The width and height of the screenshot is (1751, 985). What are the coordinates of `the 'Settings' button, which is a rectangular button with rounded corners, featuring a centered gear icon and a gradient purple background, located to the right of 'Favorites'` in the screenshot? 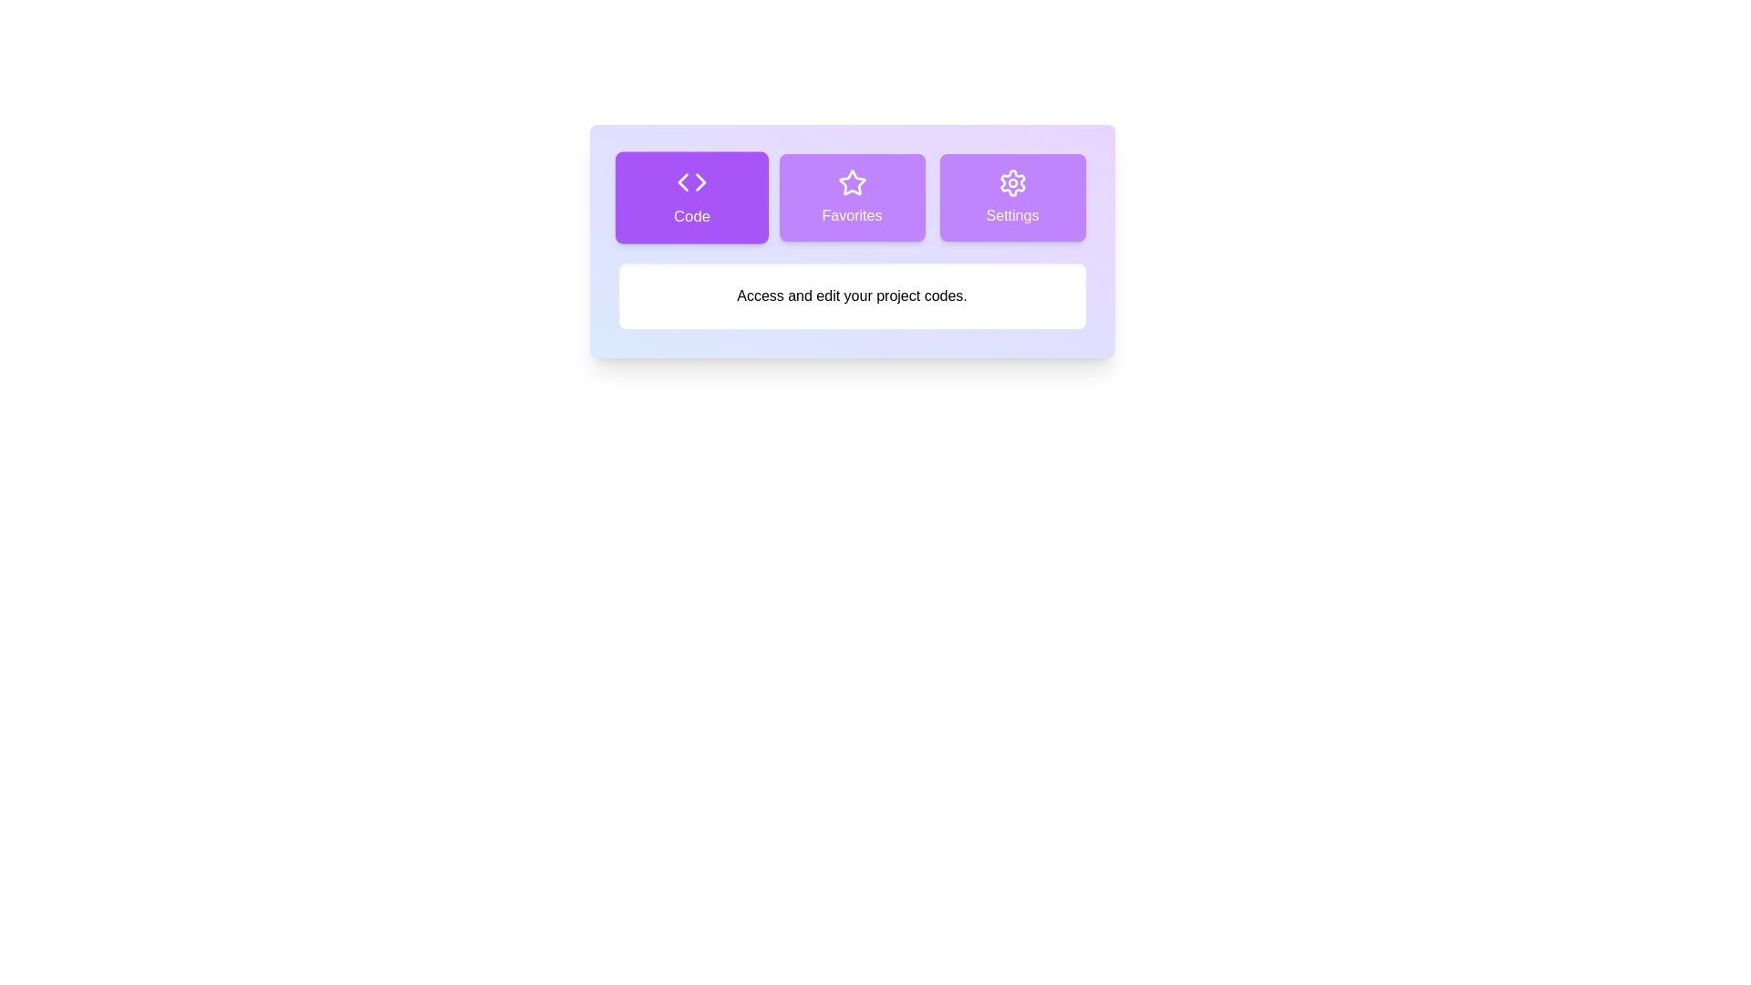 It's located at (1011, 197).